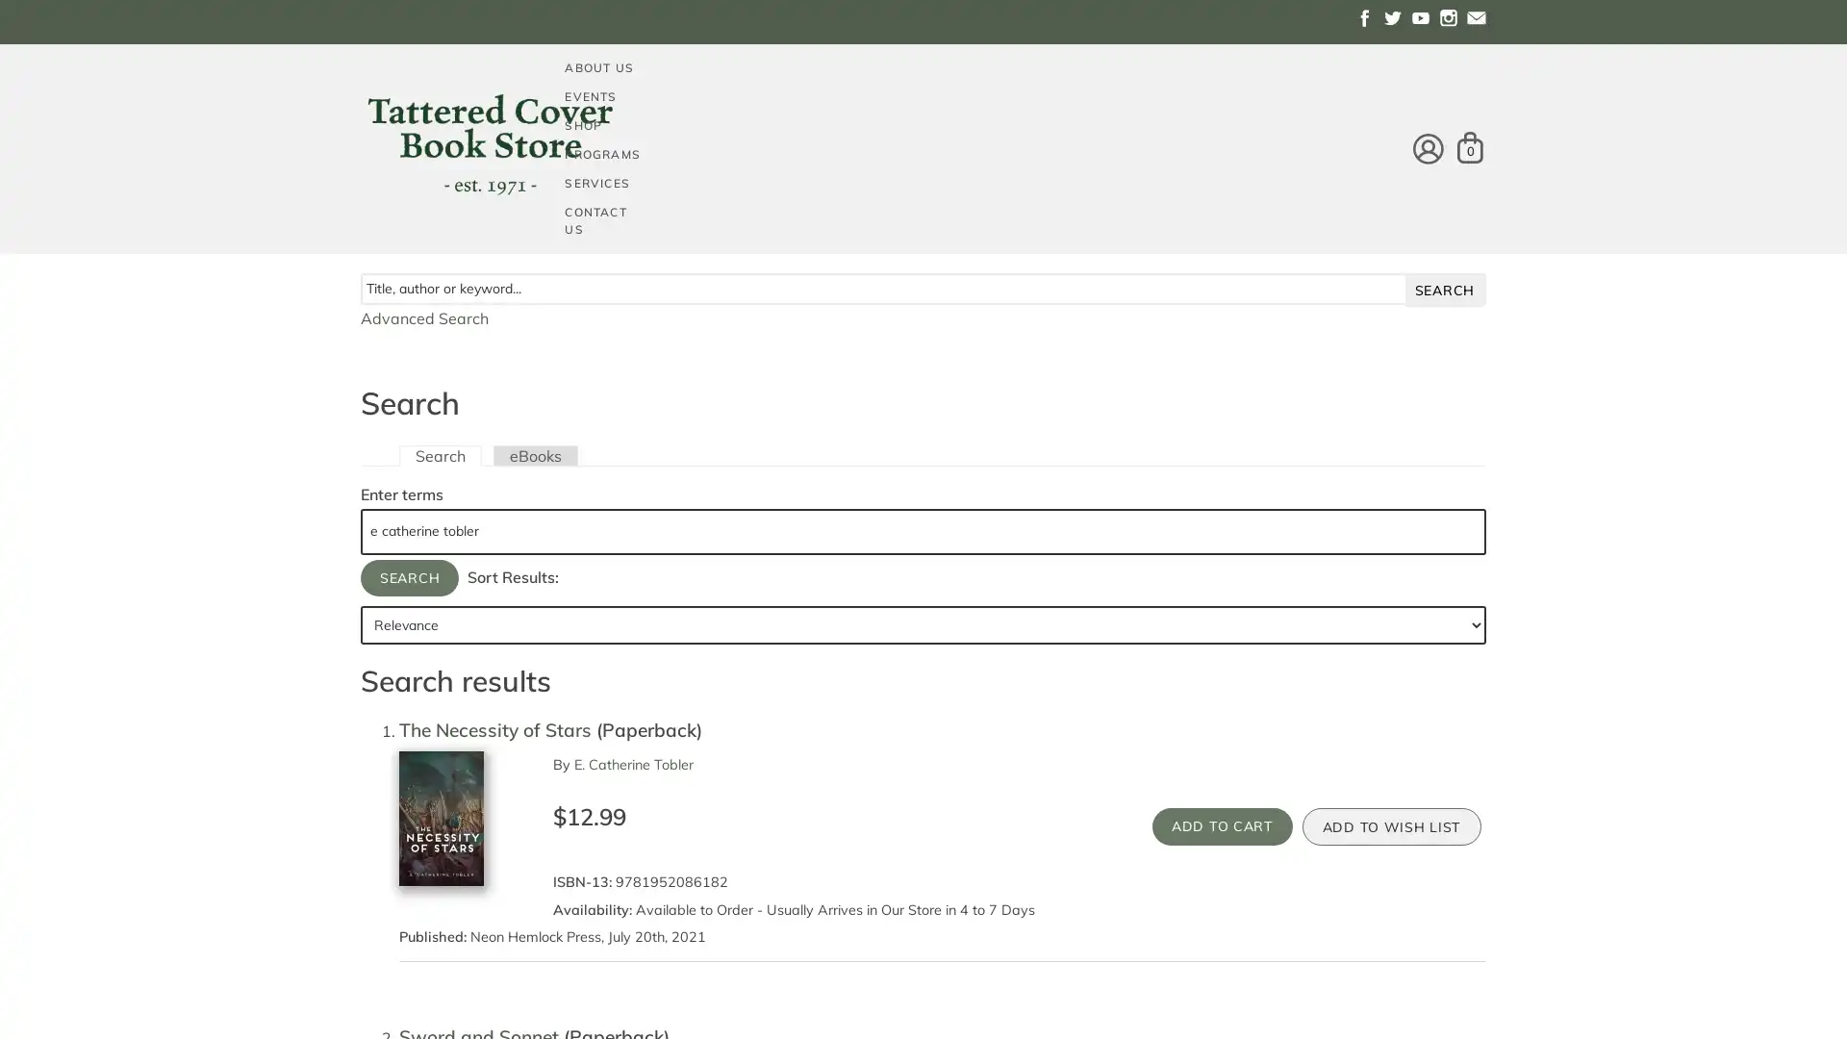 This screenshot has height=1039, width=1847. What do you see at coordinates (409, 576) in the screenshot?
I see `Search` at bounding box center [409, 576].